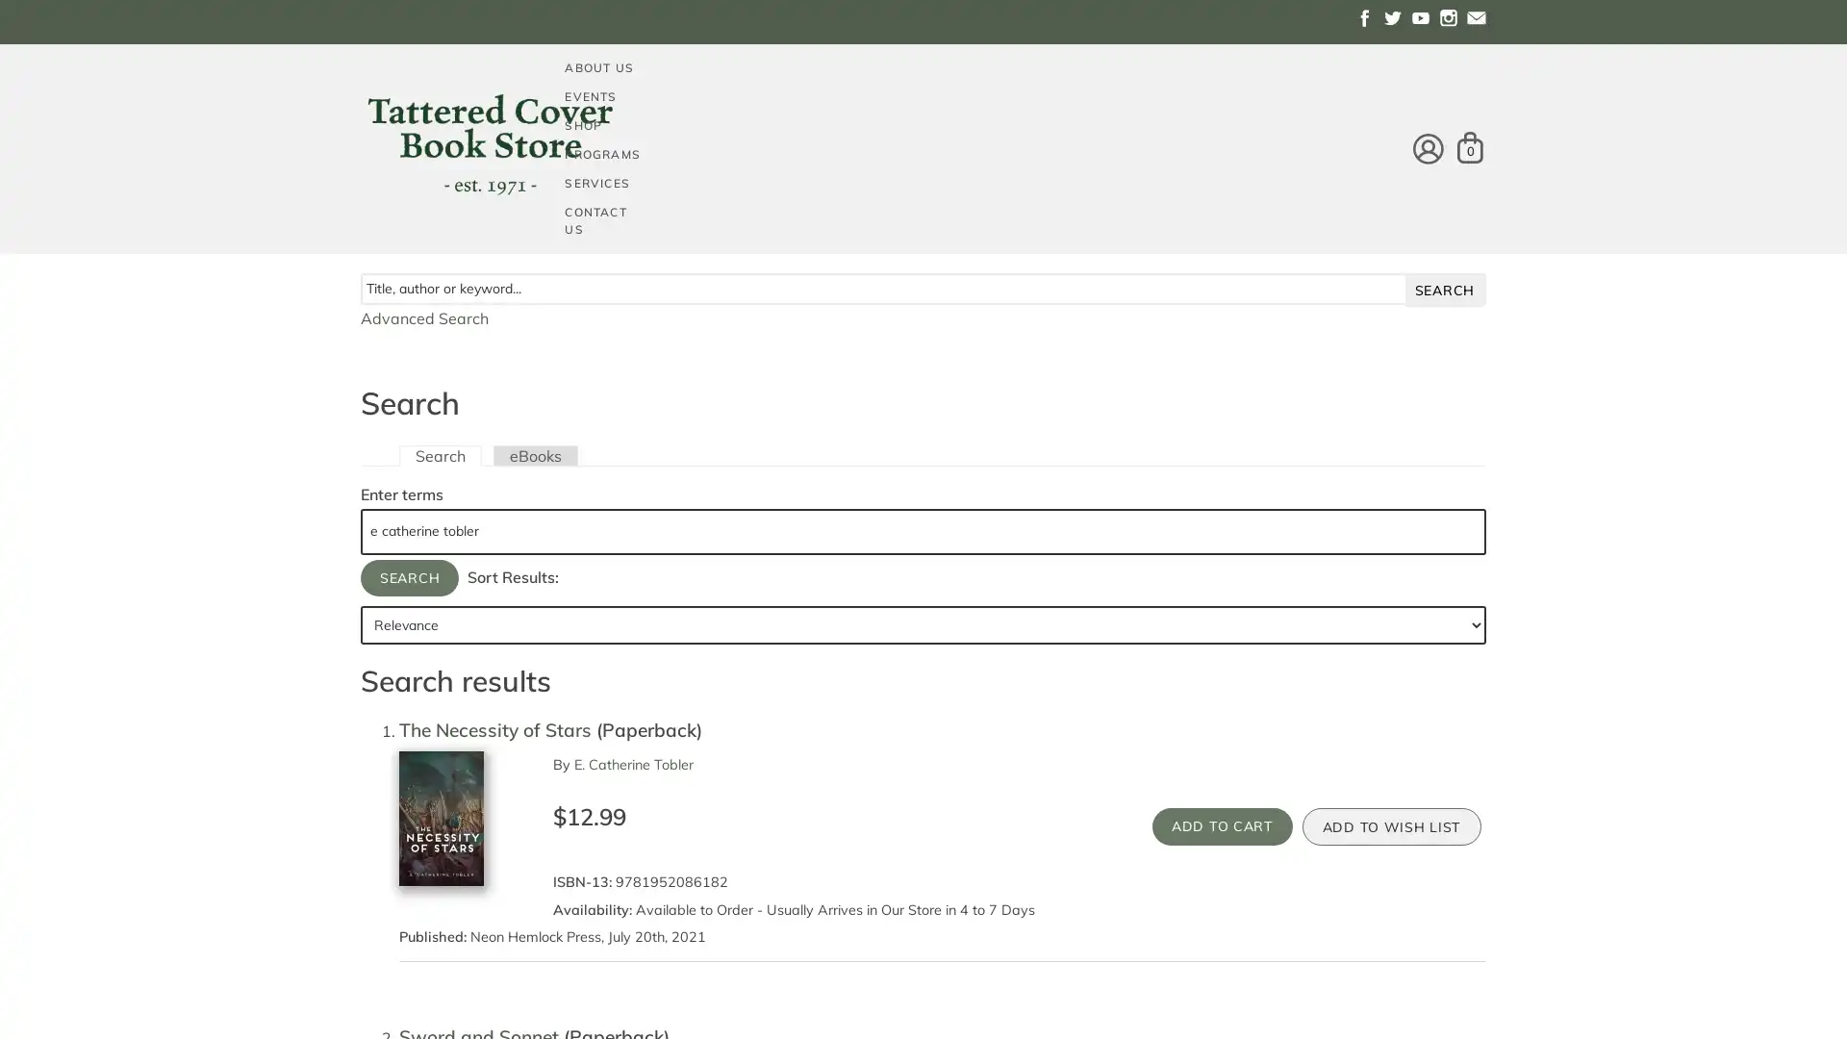 This screenshot has height=1039, width=1847. What do you see at coordinates (409, 576) in the screenshot?
I see `Search` at bounding box center [409, 576].